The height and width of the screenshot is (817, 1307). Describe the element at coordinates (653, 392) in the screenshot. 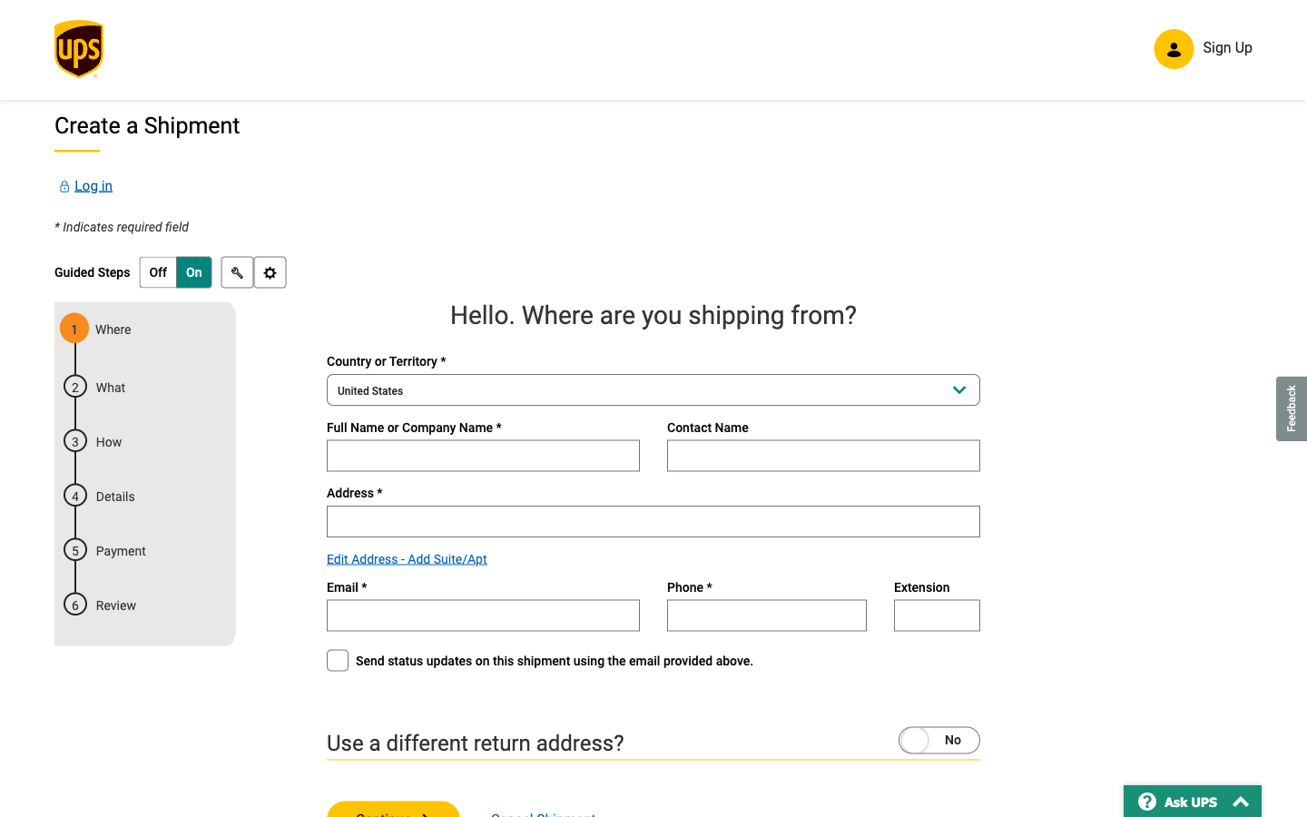

I see `the country selection dropdown and navigate to the desired country by scrolling down` at that location.